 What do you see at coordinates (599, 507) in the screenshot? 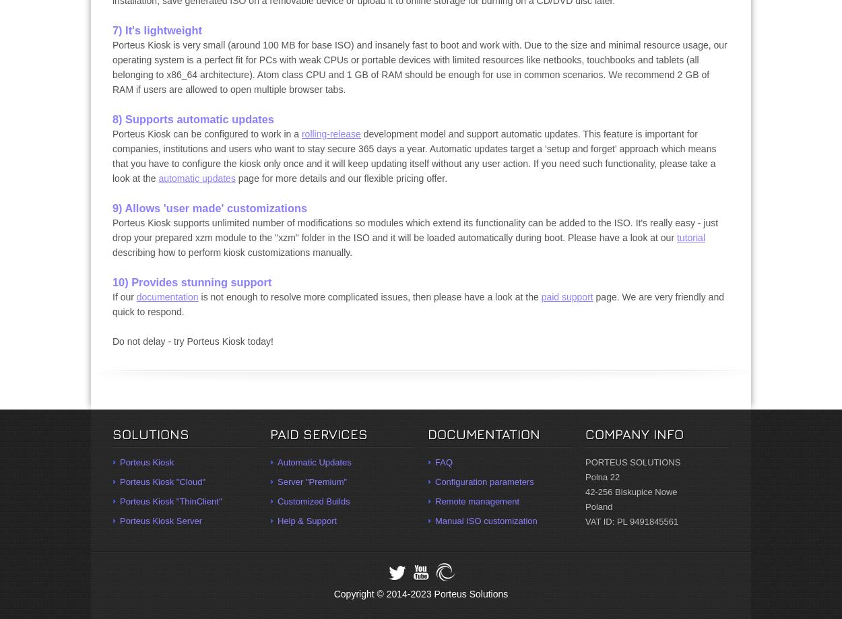
I see `'Poland'` at bounding box center [599, 507].